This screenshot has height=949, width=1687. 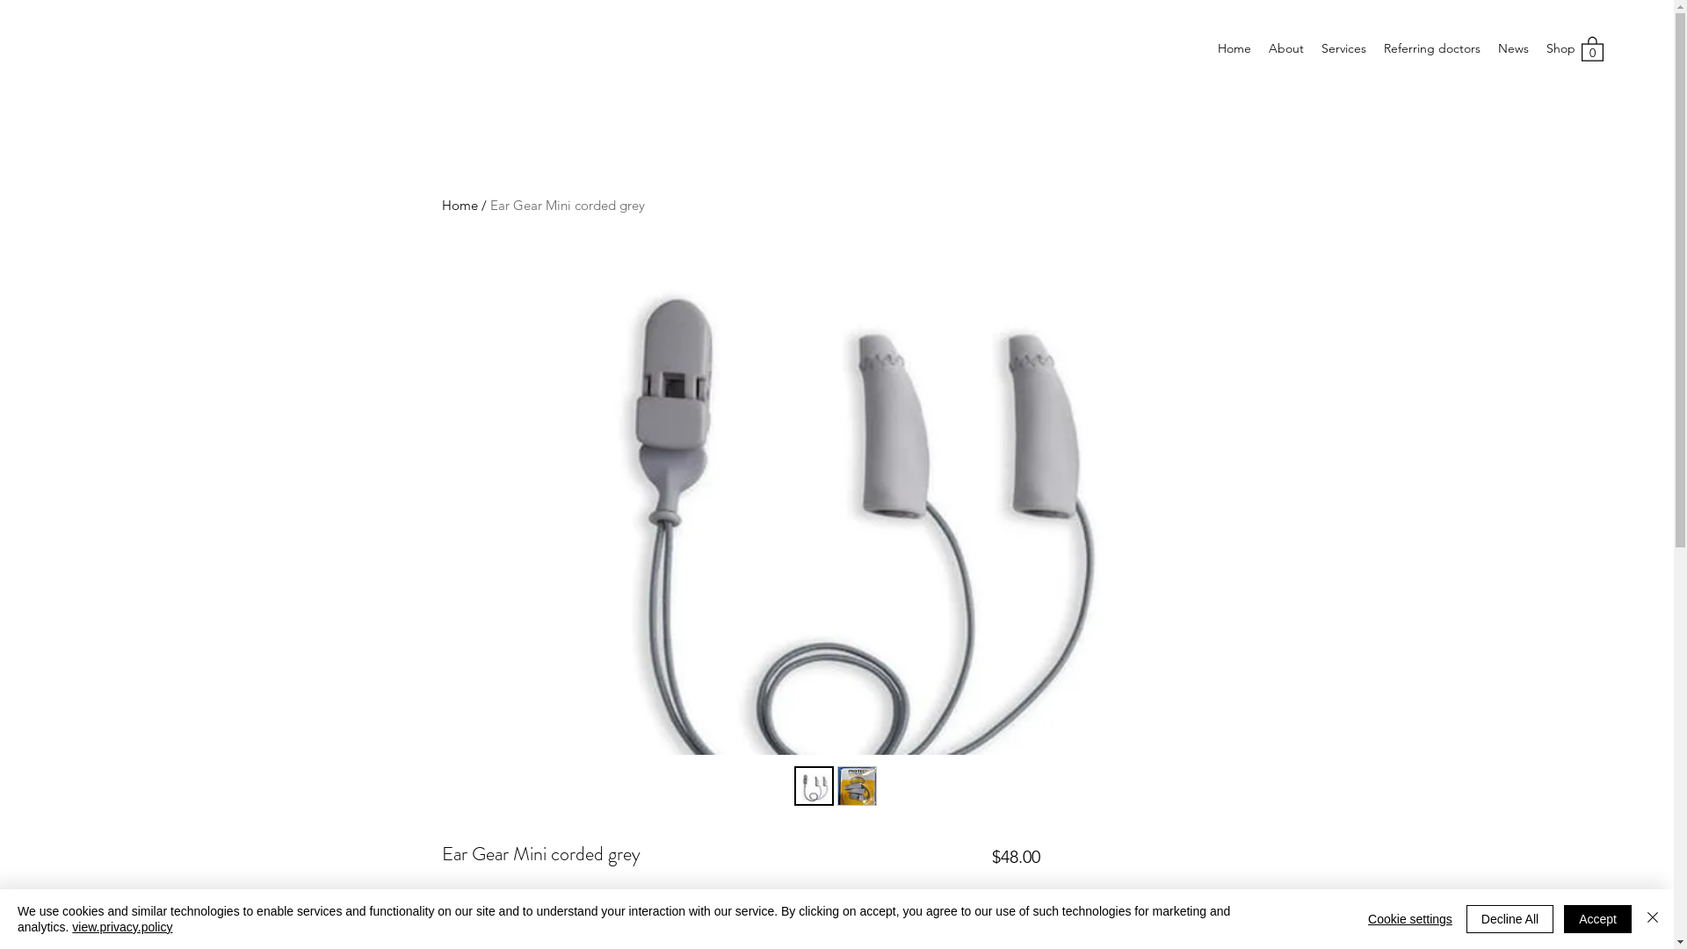 What do you see at coordinates (1509, 917) in the screenshot?
I see `'Decline All'` at bounding box center [1509, 917].